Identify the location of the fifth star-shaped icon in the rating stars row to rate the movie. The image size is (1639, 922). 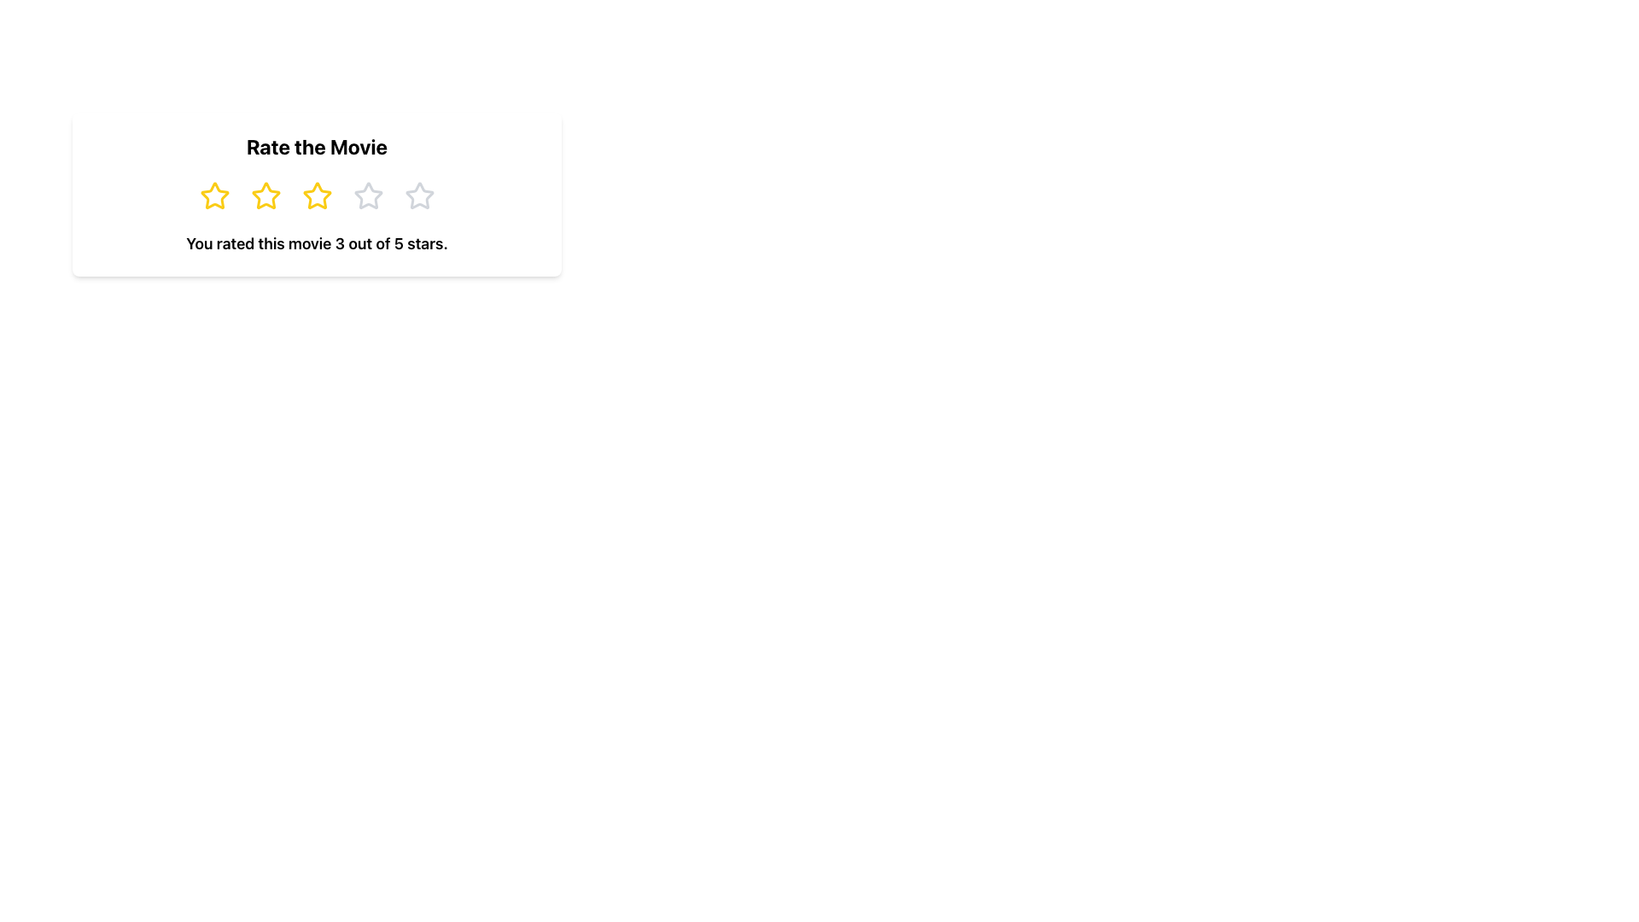
(419, 195).